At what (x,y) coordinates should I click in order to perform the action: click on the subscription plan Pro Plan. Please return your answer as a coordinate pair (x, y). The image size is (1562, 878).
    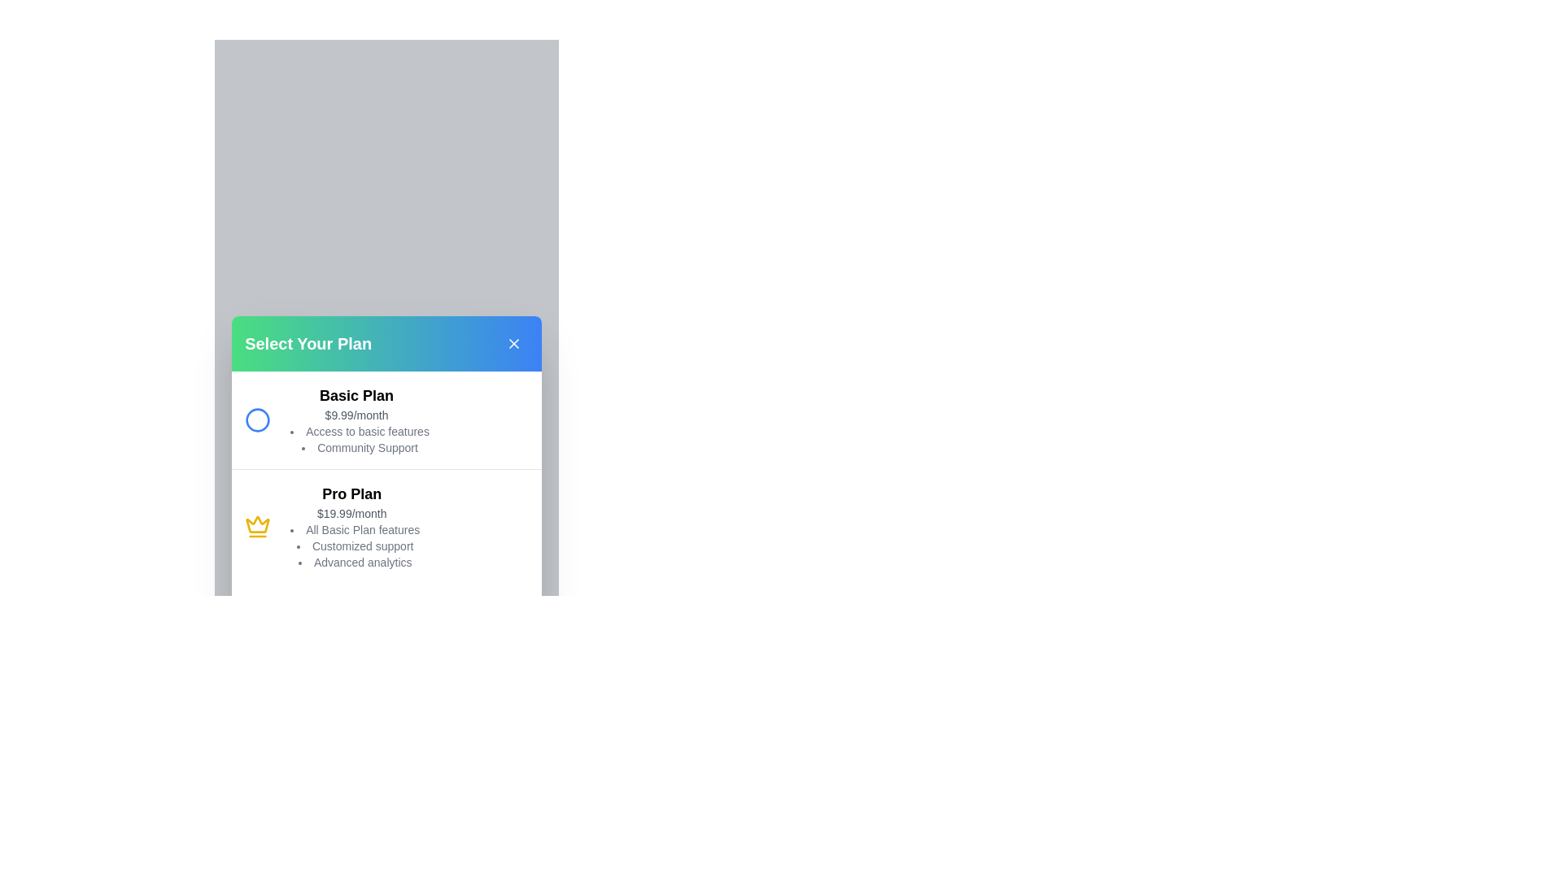
    Looking at the image, I should click on (257, 526).